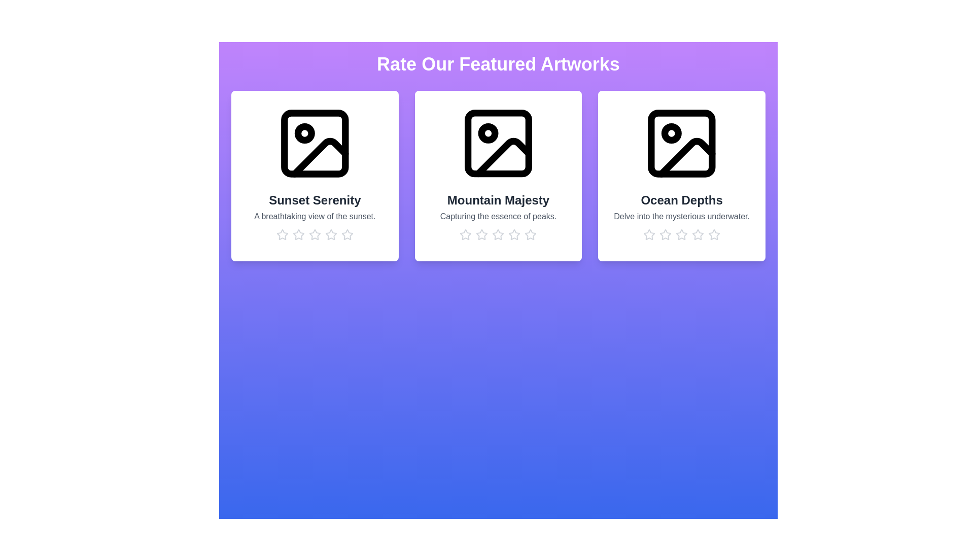  Describe the element at coordinates (530, 234) in the screenshot. I see `the rating for the artwork 'Mountain Majesty' to 5 stars` at that location.